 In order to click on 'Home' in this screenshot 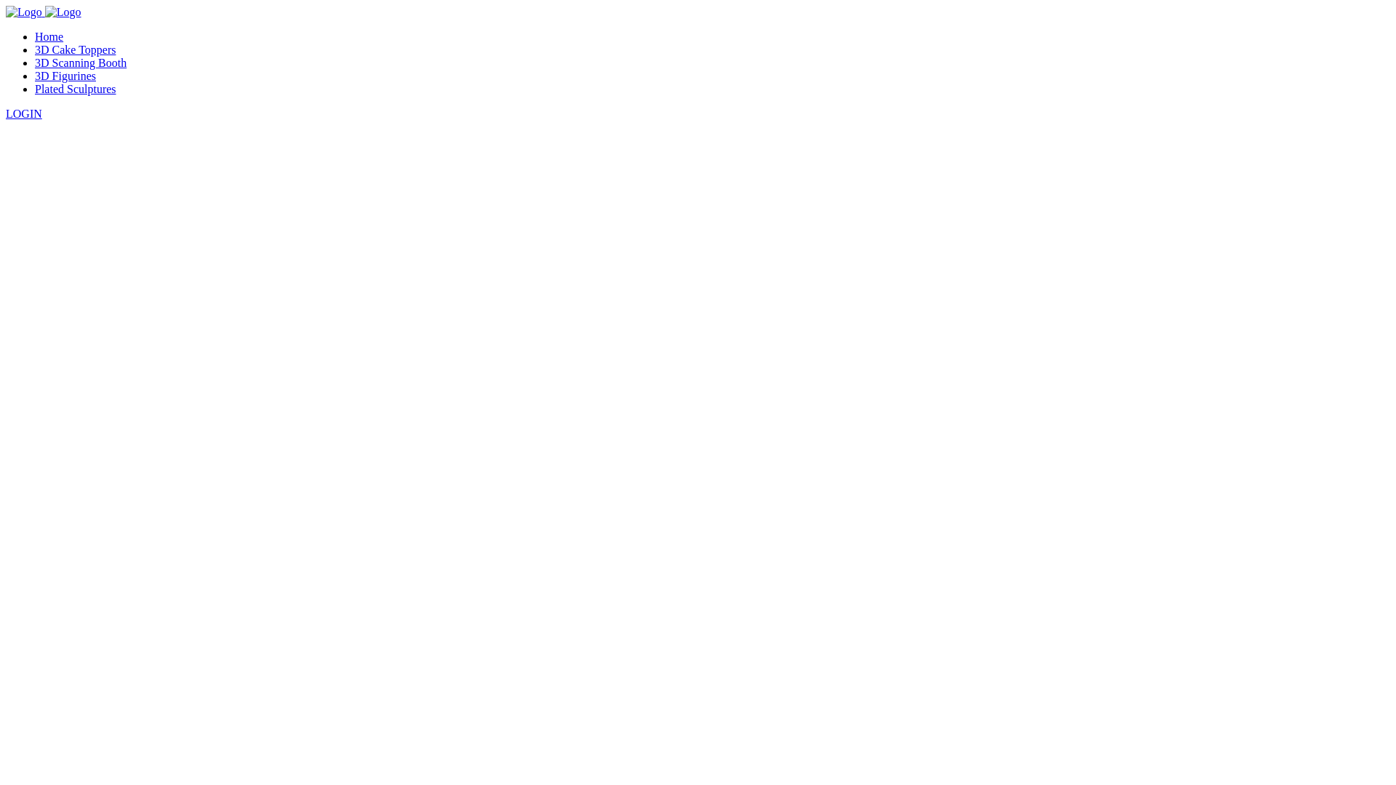, I will do `click(49, 36)`.